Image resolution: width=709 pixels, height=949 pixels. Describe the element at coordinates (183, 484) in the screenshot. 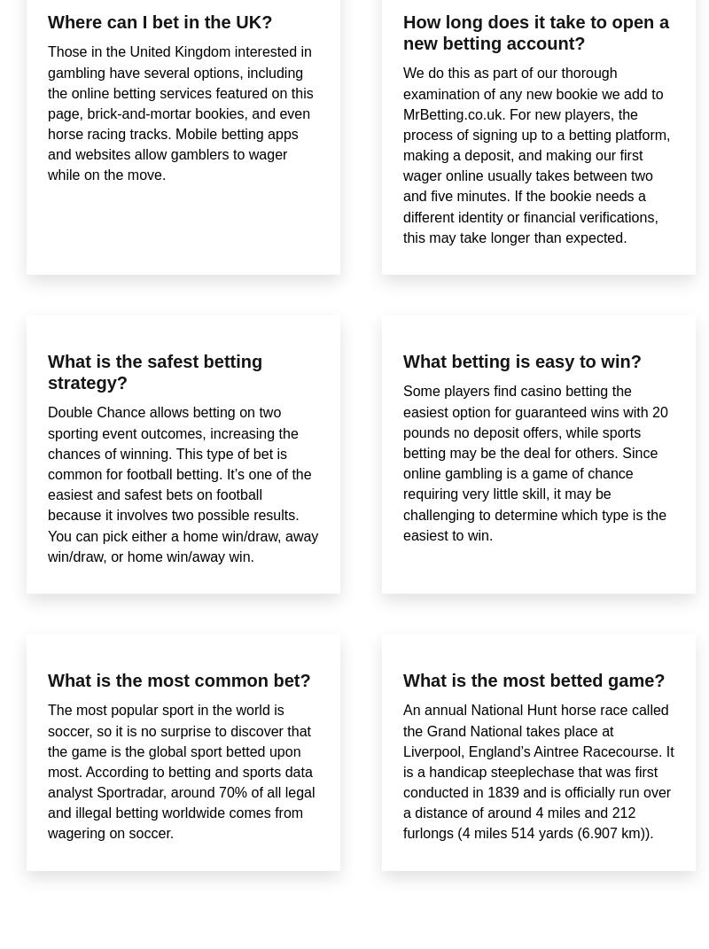

I see `'Double Chance allows betting on two sporting event outcomes, increasing the chances of winning. This type of bet is common for football betting. It’s one of the easiest and safest bets on football because it involves two possible results. You can pick either a home win/draw, away win/draw, or home win/away win.'` at that location.